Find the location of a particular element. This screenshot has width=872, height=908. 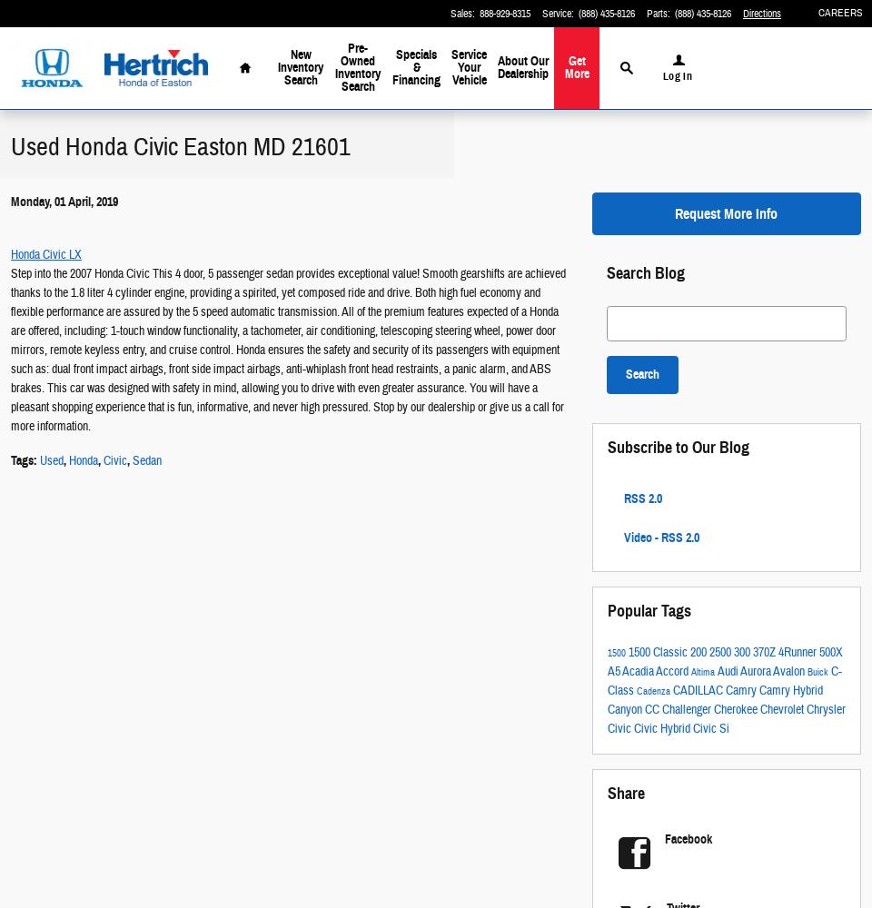

'Directions' is located at coordinates (762, 14).